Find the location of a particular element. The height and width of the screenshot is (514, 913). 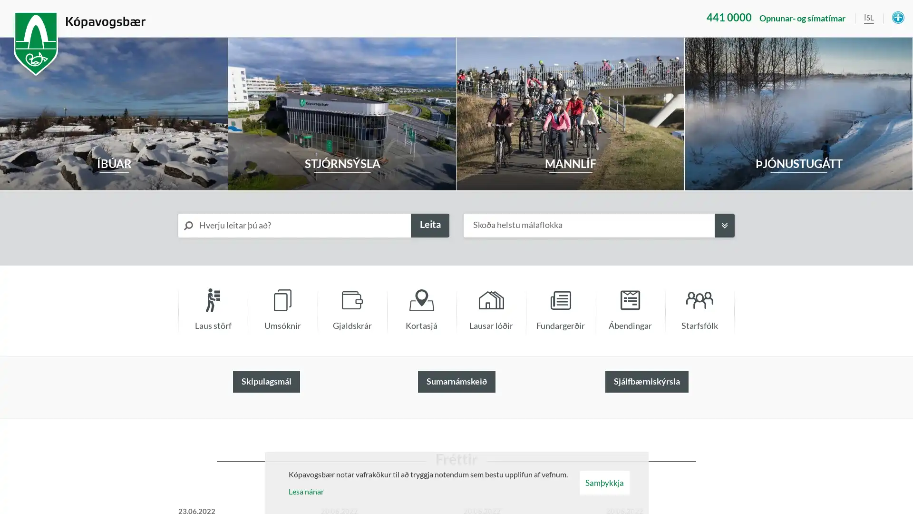

Samykkja vafrakokur is located at coordinates (603, 483).